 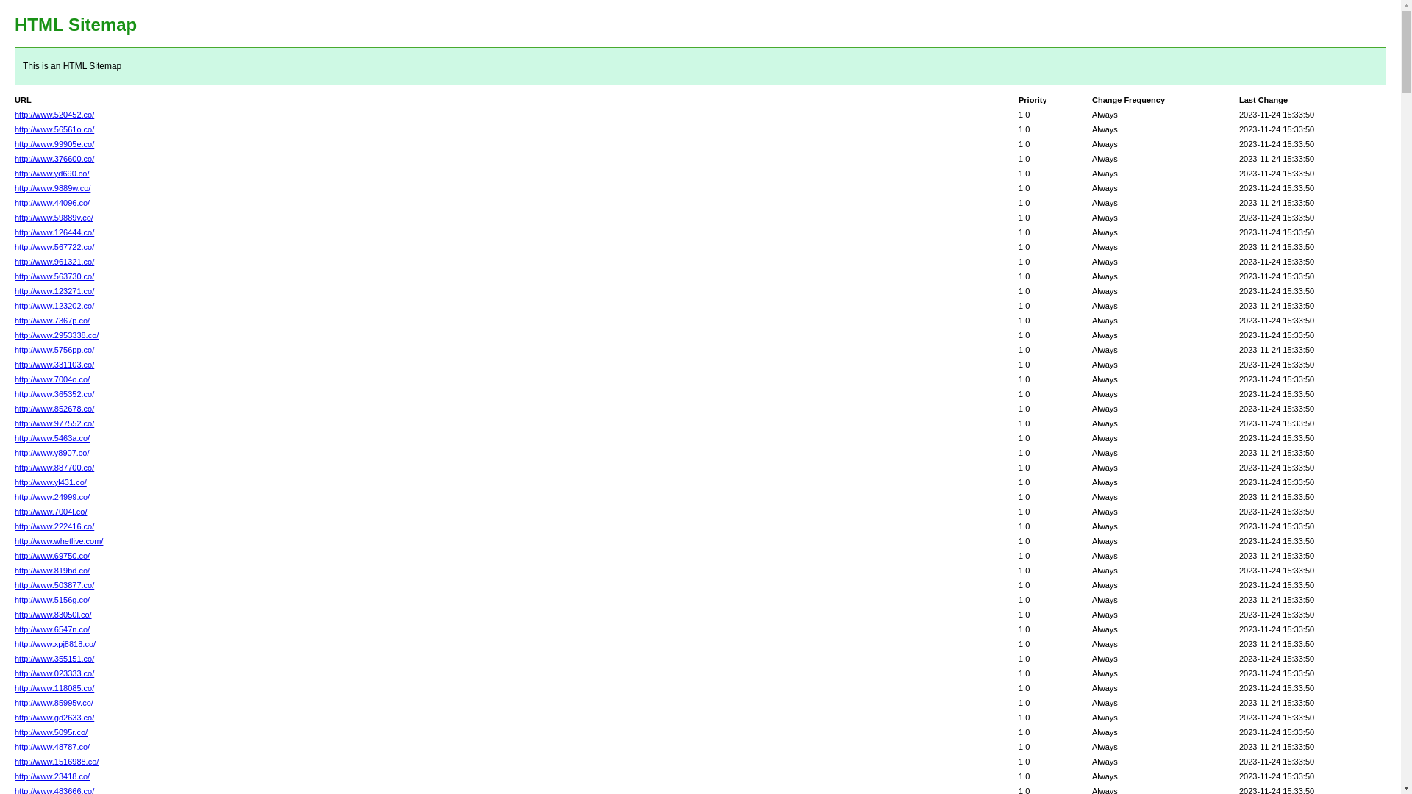 I want to click on 'http://www.56561o.co/', so click(x=54, y=129).